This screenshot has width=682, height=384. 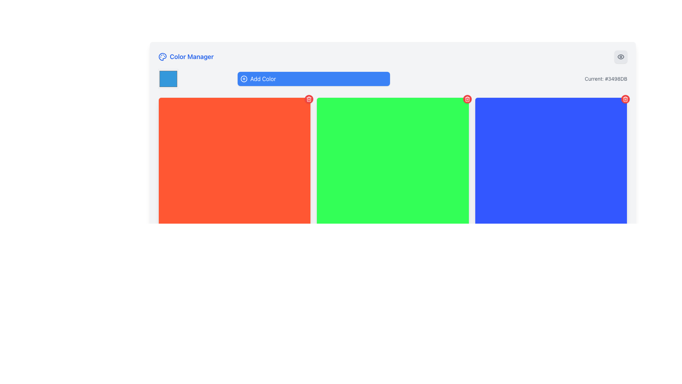 What do you see at coordinates (392, 174) in the screenshot?
I see `the second square item` at bounding box center [392, 174].